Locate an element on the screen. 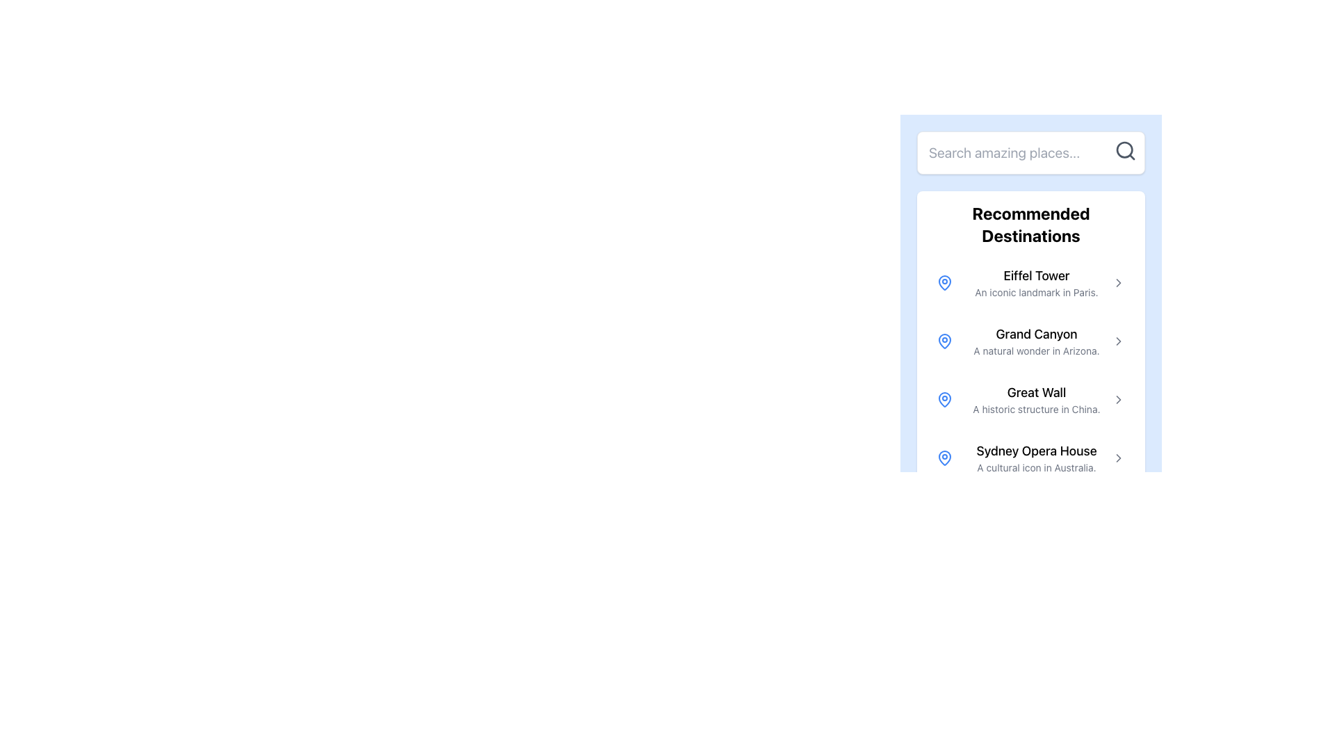 The image size is (1335, 751). the icon located on the far-right side of the entry labeled 'Great Wall' in the 'Recommended Destinations' list is located at coordinates (1118, 399).